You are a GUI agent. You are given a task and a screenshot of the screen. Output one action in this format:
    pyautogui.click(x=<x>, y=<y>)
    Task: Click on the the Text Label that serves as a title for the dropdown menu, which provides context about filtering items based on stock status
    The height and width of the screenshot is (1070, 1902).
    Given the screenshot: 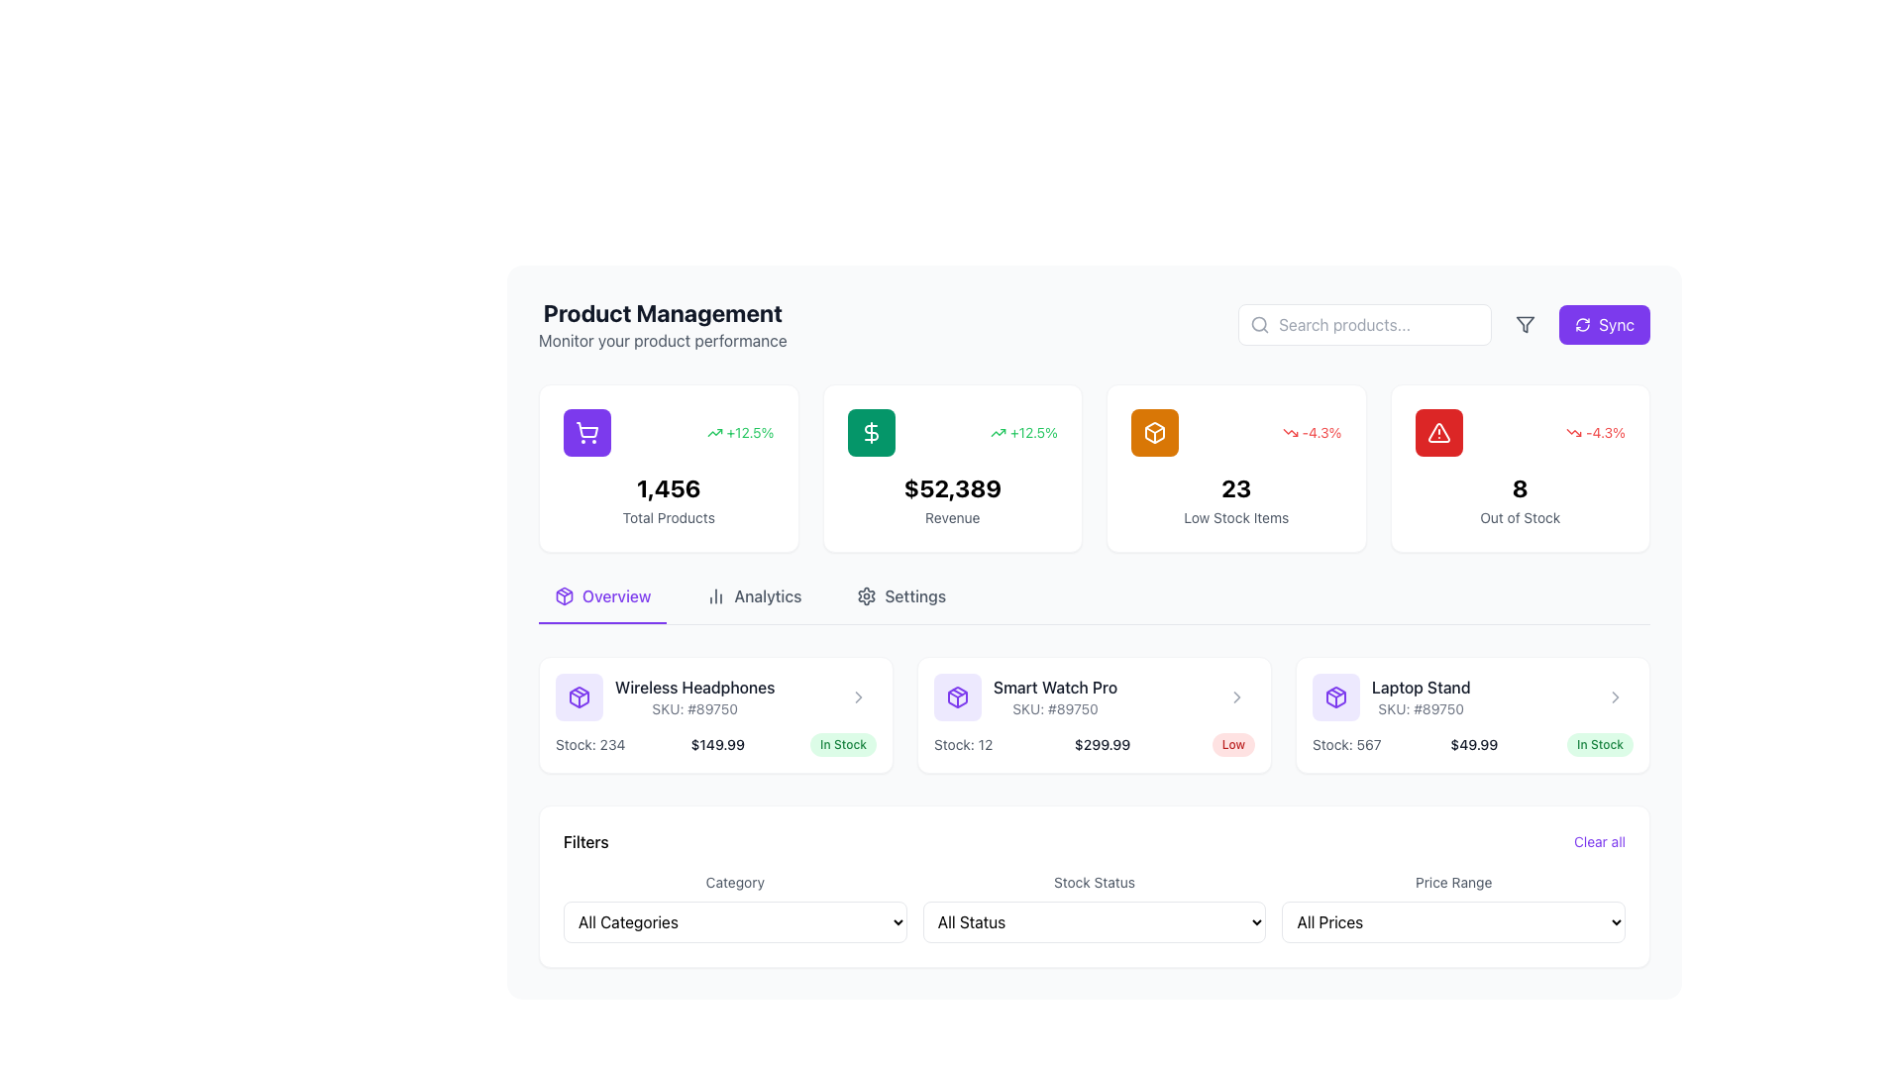 What is the action you would take?
    pyautogui.click(x=1093, y=881)
    